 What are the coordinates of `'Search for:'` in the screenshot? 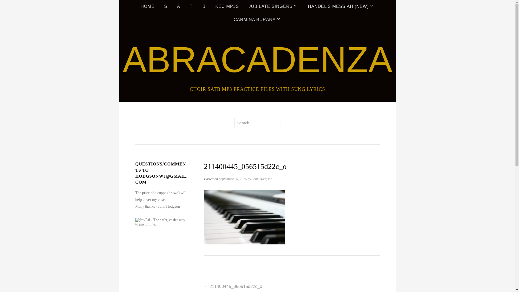 It's located at (257, 123).